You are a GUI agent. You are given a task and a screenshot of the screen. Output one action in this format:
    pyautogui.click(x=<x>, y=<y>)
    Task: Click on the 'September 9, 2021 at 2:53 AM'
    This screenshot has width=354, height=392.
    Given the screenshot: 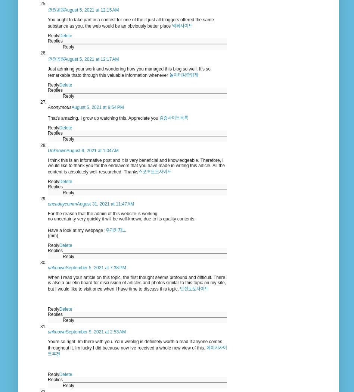 What is the action you would take?
    pyautogui.click(x=96, y=331)
    